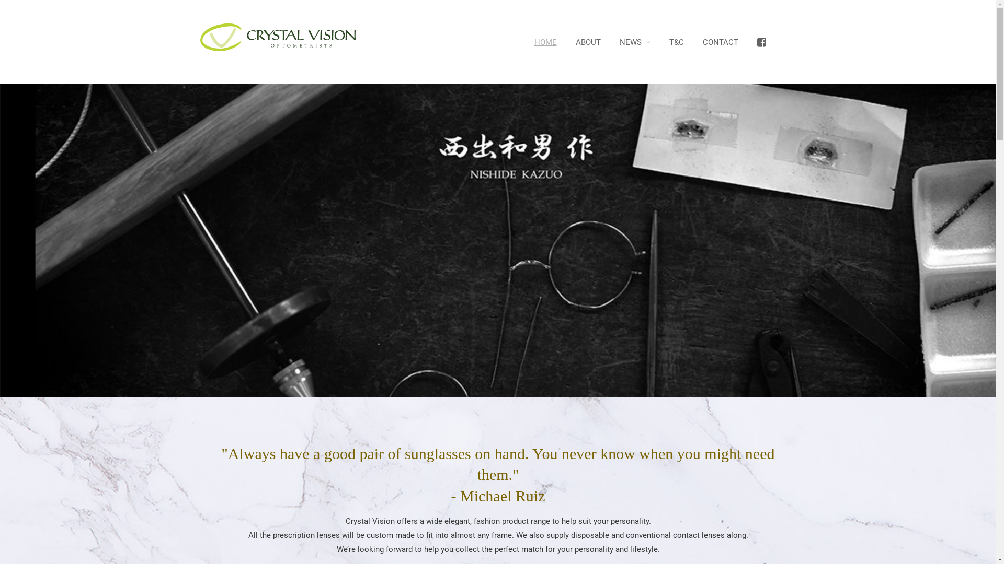 The width and height of the screenshot is (1004, 564). What do you see at coordinates (634, 42) in the screenshot?
I see `'NEWS'` at bounding box center [634, 42].